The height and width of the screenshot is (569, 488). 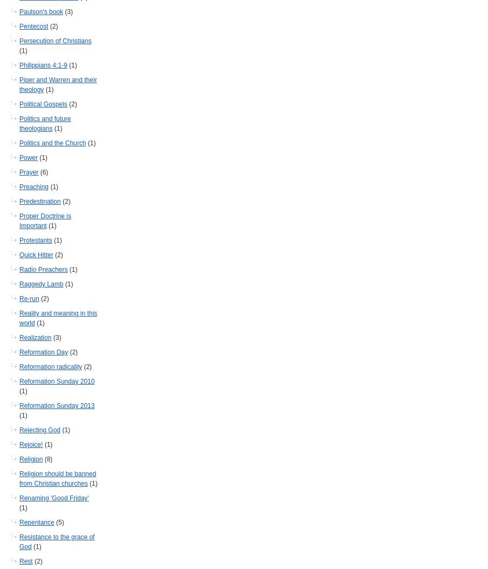 I want to click on 'Reformation Sunday 2010', so click(x=57, y=381).